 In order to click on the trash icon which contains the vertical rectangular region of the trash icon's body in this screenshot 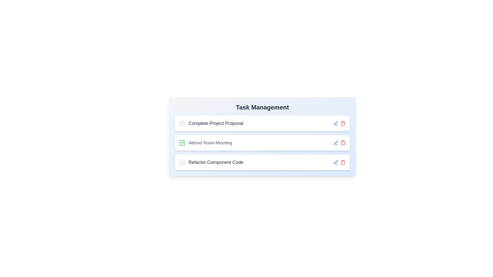, I will do `click(343, 143)`.